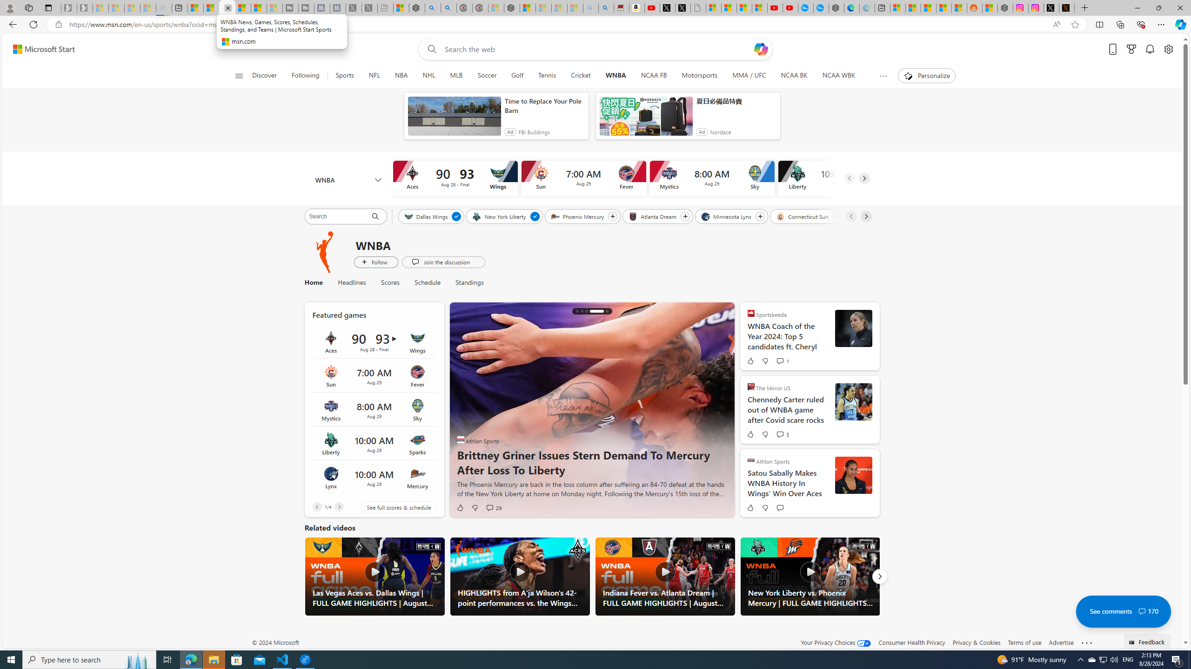 This screenshot has width=1191, height=669. I want to click on 'MMA / UFC', so click(749, 75).